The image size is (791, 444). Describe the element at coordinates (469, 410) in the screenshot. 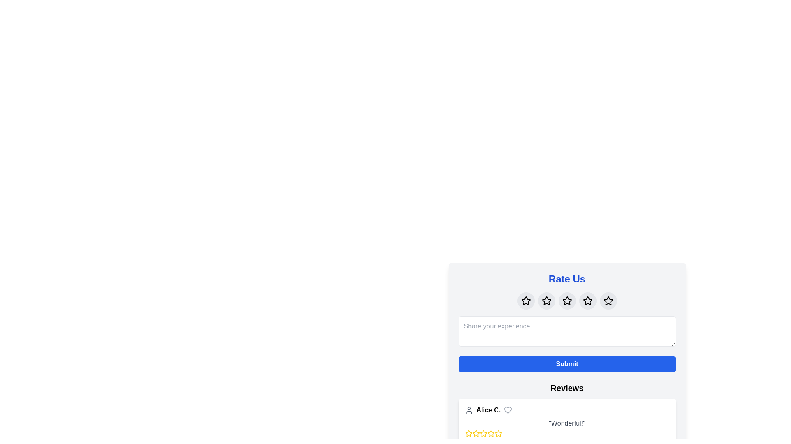

I see `the SVG user icon, which is a gray outlined circle above a semi-circle, located to the left of the title 'Alice C.' in the reviews section` at that location.